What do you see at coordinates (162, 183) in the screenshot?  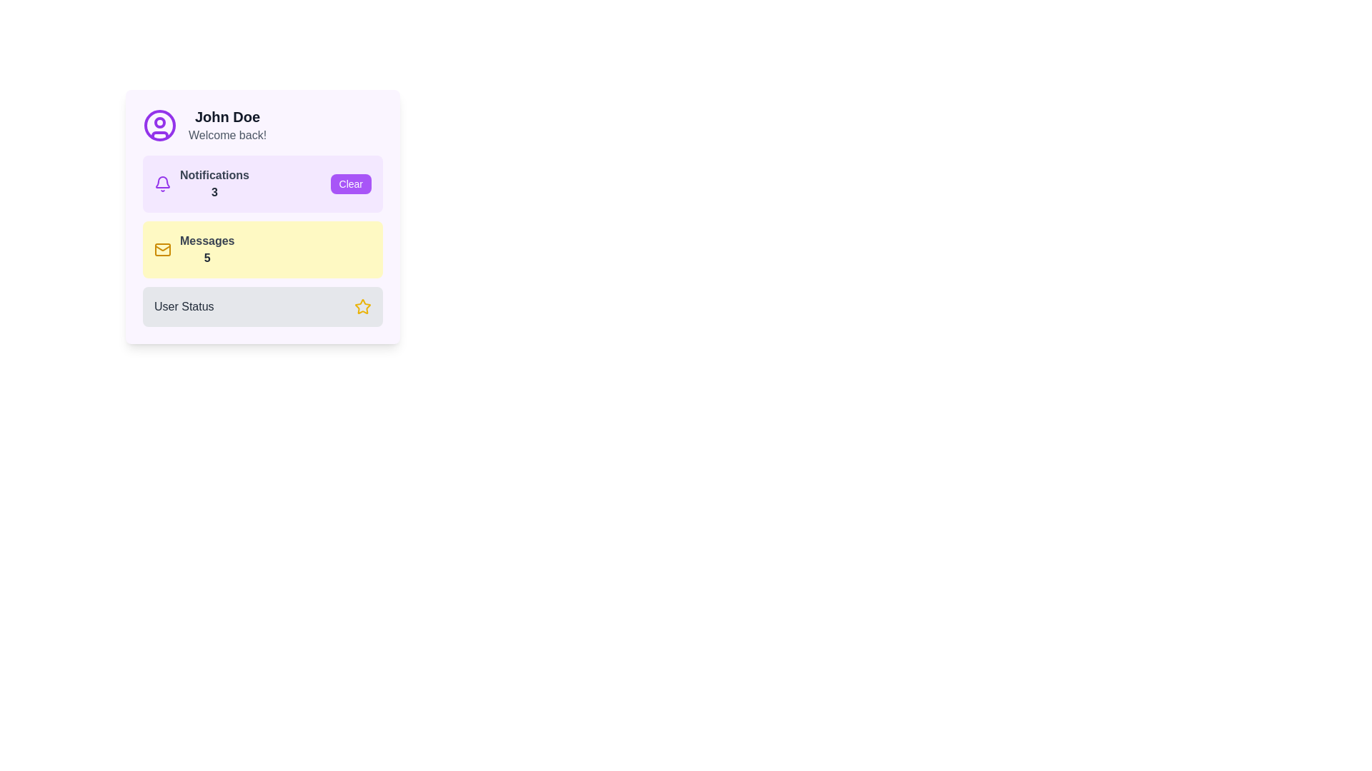 I see `the decorative notification icon located on the left side of the notification panel, adjacent to the texts 'Notifications' and '3'` at bounding box center [162, 183].